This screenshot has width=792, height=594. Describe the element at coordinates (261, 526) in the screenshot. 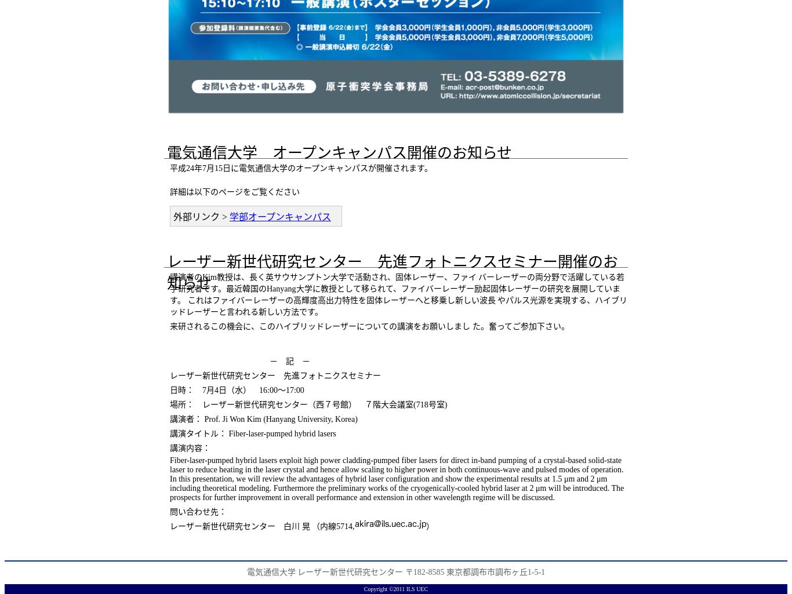

I see `'レーザー新世代研究センター　白川 晃 （内線5714,'` at that location.